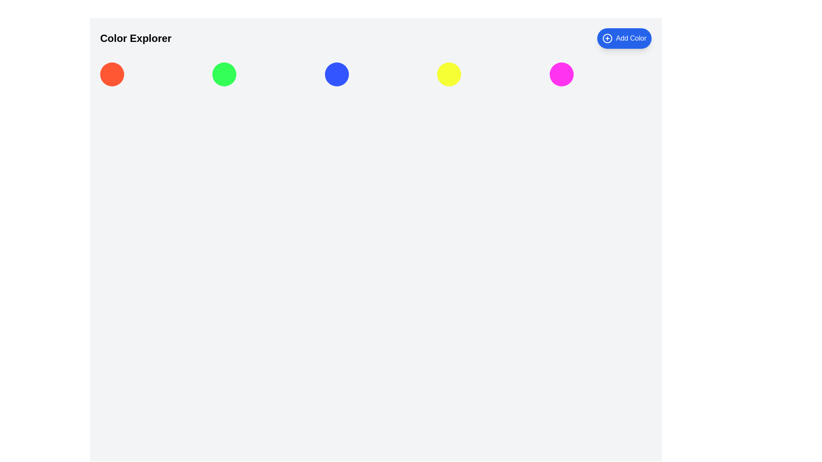 The image size is (822, 462). I want to click on the fifth selectable color option, which is a magenta interactive circle located under the 'Color Explorer' title, so click(561, 74).